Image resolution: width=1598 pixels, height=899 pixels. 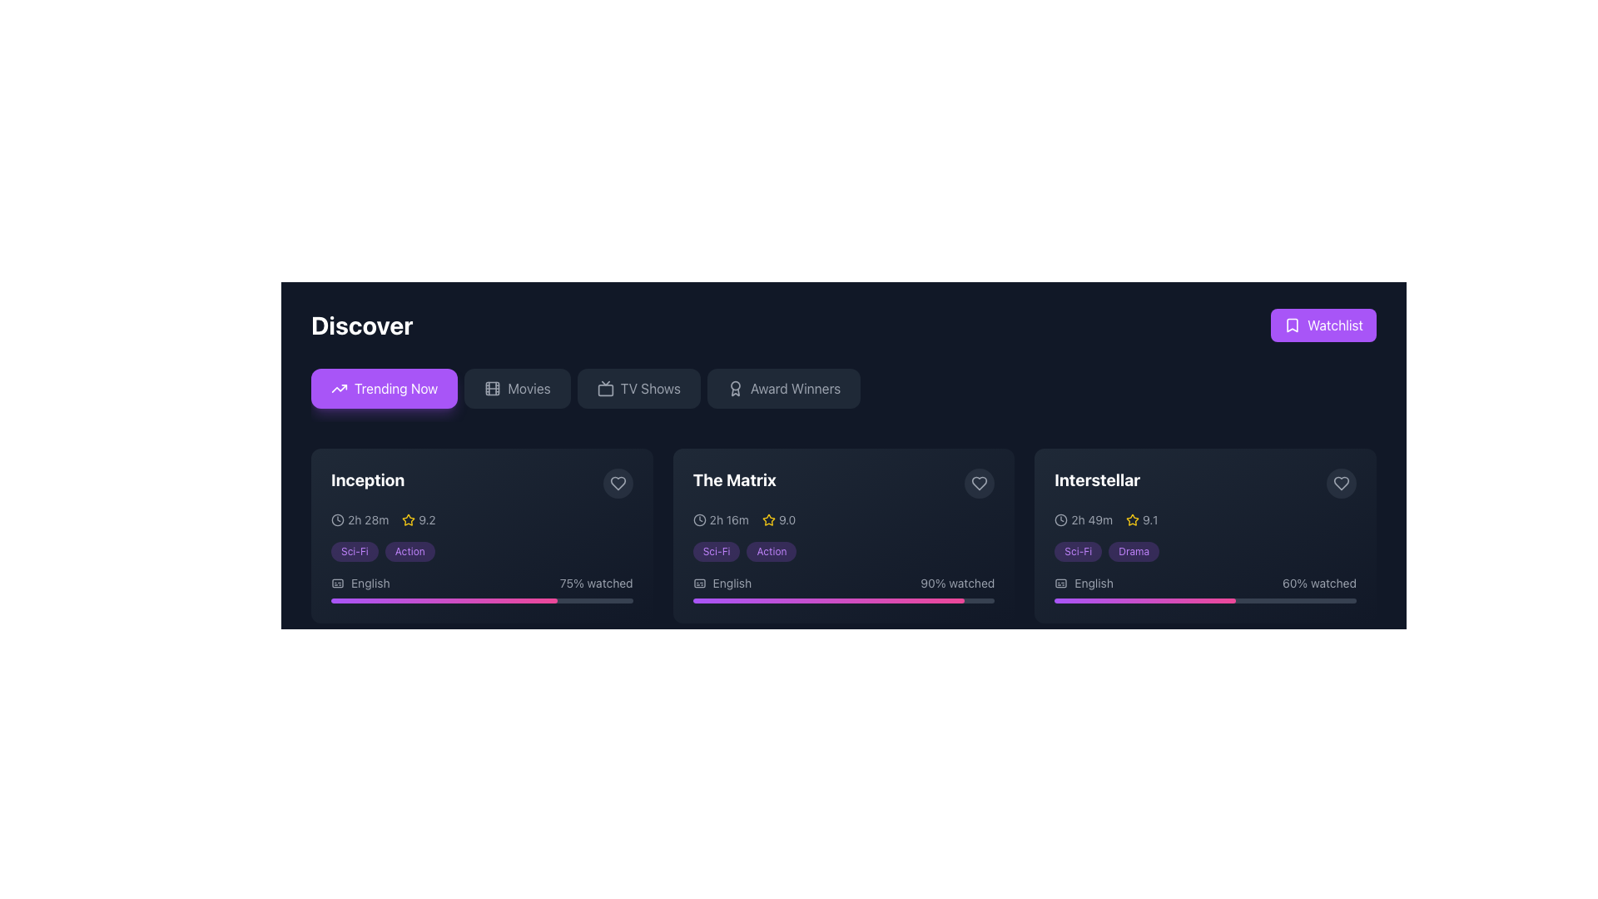 What do you see at coordinates (1174, 600) in the screenshot?
I see `watched progress` at bounding box center [1174, 600].